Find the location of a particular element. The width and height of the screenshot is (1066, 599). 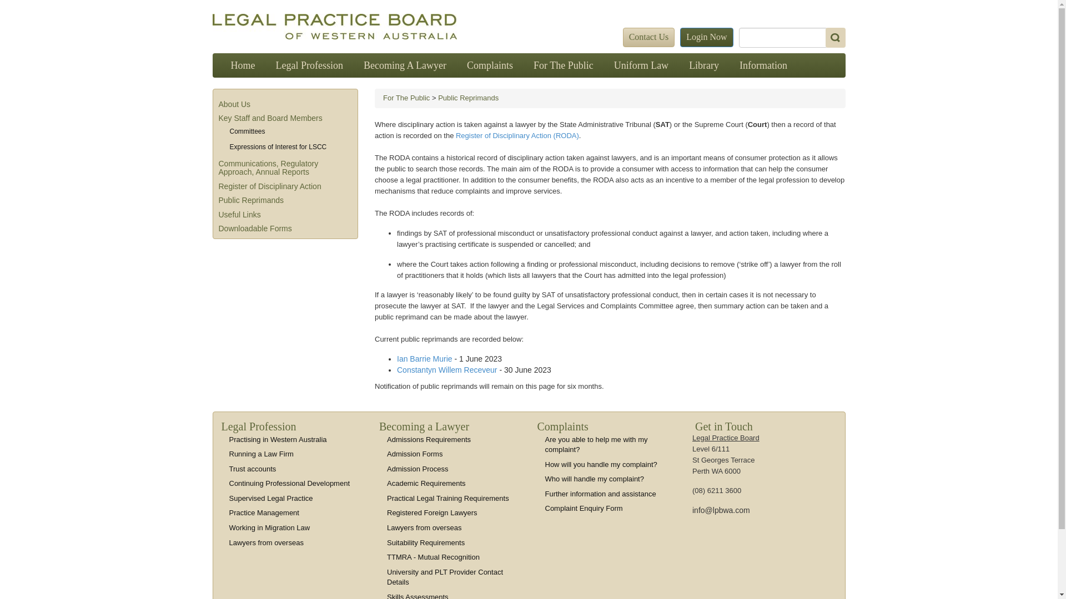

'Library' is located at coordinates (703, 65).